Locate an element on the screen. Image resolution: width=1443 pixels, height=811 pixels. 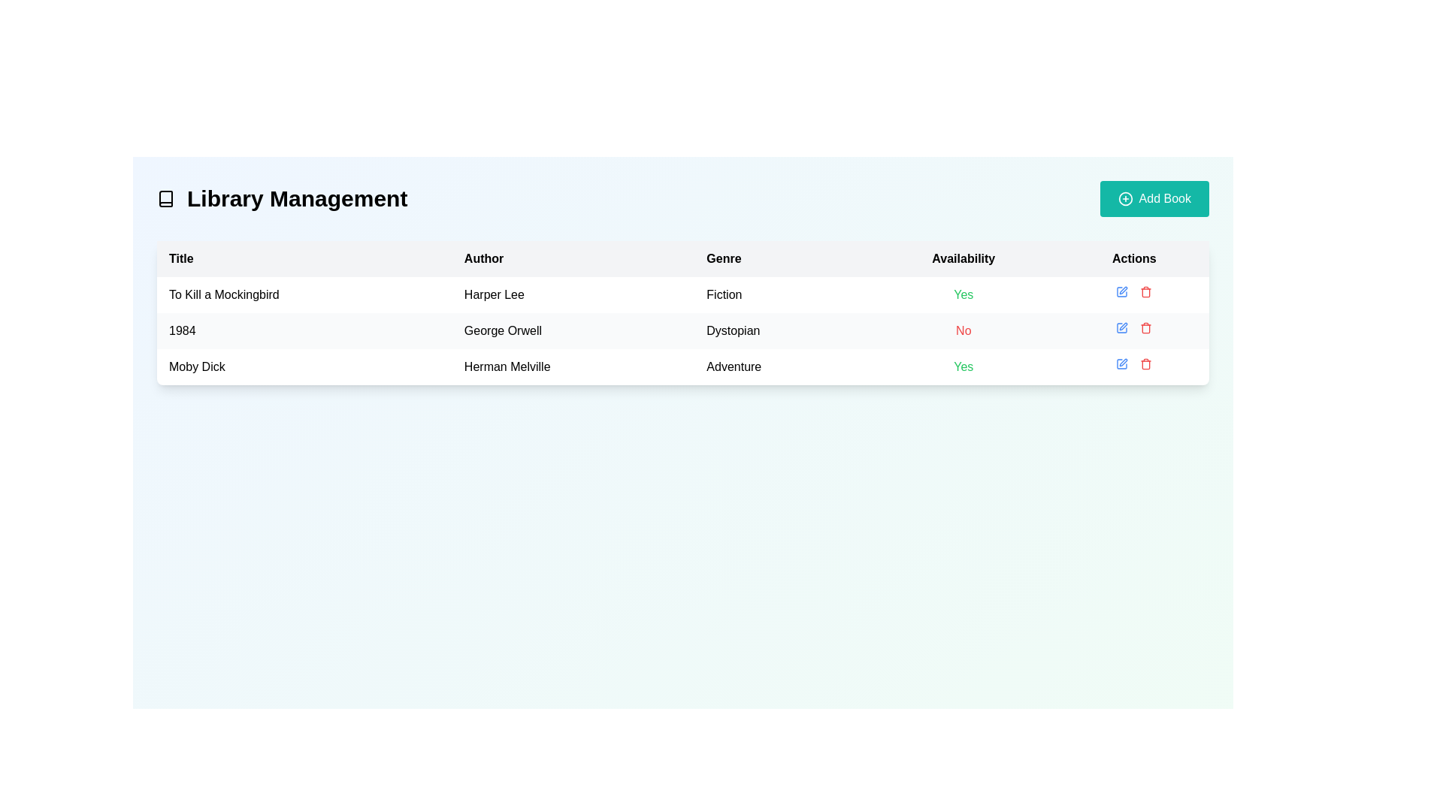
the red trash can icon button located in the 'Actions' column, third row for the book 'Moby Dick' is located at coordinates (1145, 292).